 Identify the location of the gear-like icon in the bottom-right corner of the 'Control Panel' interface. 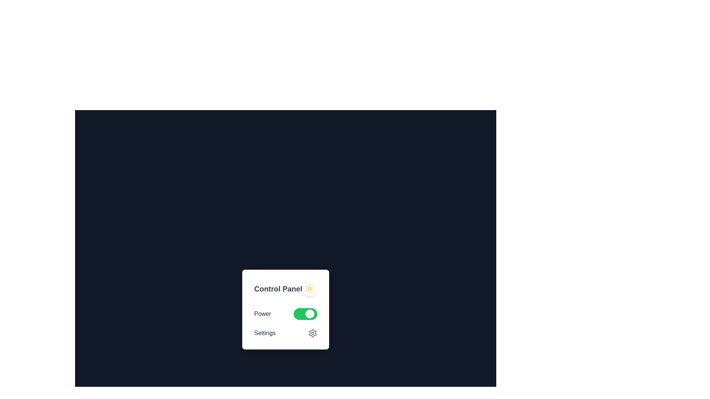
(312, 333).